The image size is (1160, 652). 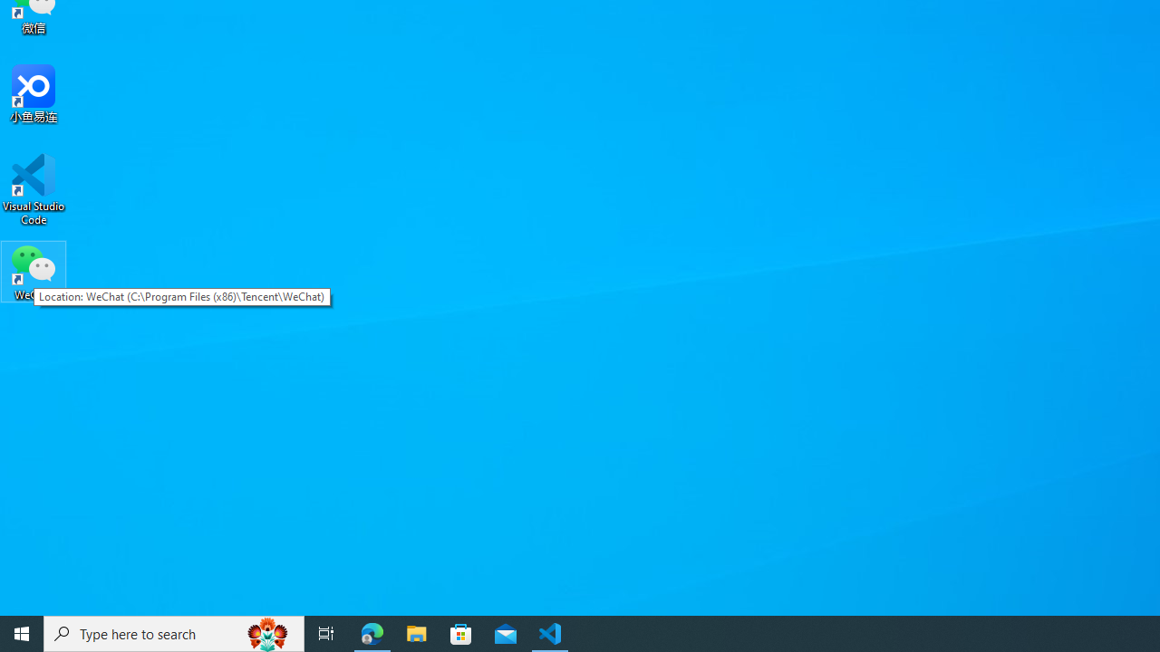 I want to click on 'Microsoft Store', so click(x=461, y=632).